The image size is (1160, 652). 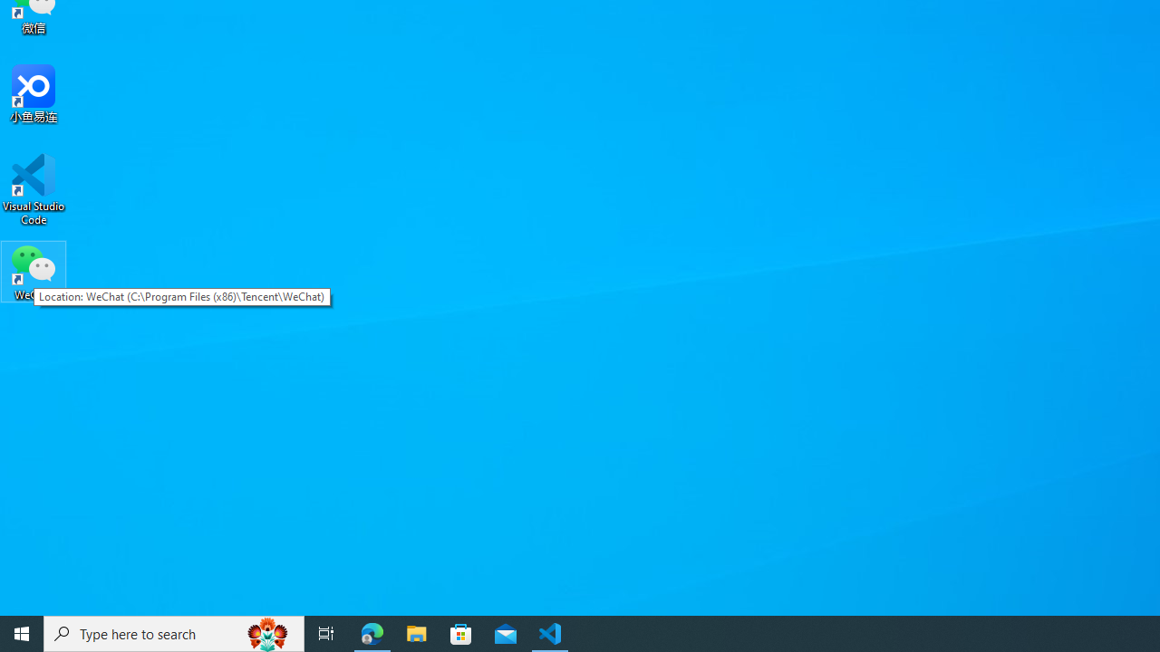 I want to click on 'Microsoft Store', so click(x=461, y=632).